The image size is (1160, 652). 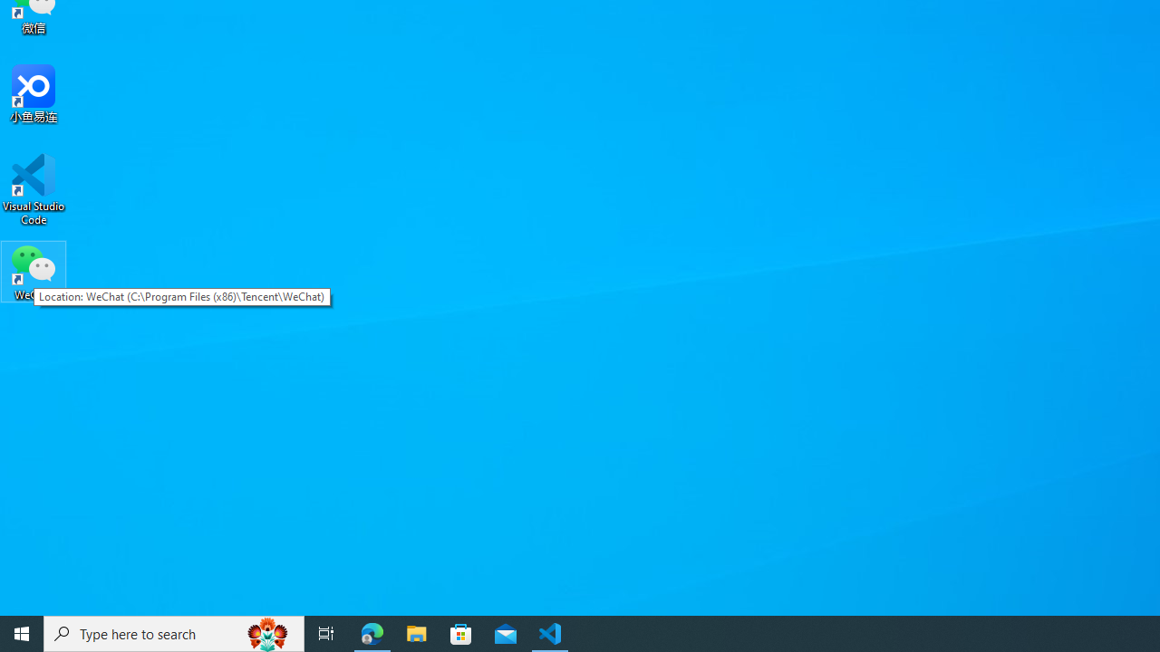 I want to click on 'Microsoft Store', so click(x=461, y=632).